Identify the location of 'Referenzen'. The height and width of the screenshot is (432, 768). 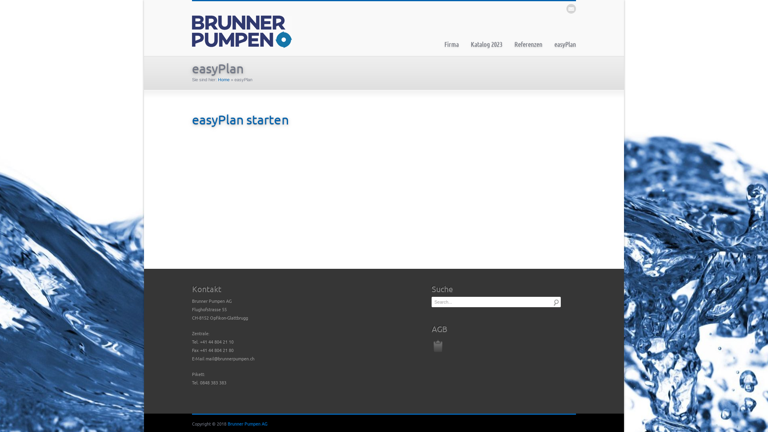
(528, 44).